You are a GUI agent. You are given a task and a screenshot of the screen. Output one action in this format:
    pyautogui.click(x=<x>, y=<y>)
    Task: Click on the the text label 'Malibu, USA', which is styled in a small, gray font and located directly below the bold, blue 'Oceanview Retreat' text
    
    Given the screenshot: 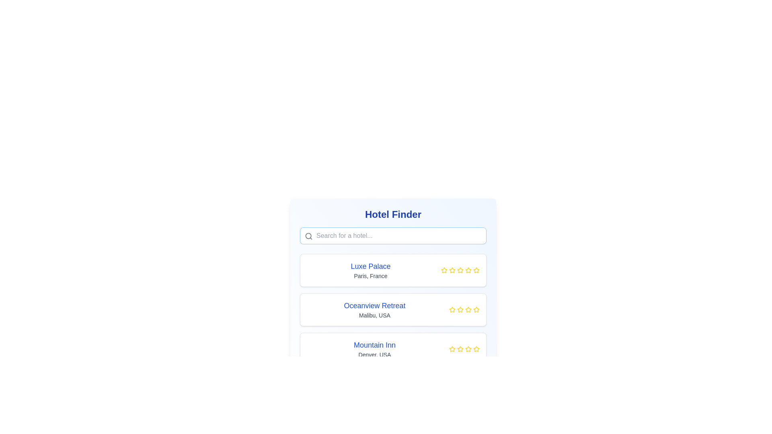 What is the action you would take?
    pyautogui.click(x=374, y=315)
    